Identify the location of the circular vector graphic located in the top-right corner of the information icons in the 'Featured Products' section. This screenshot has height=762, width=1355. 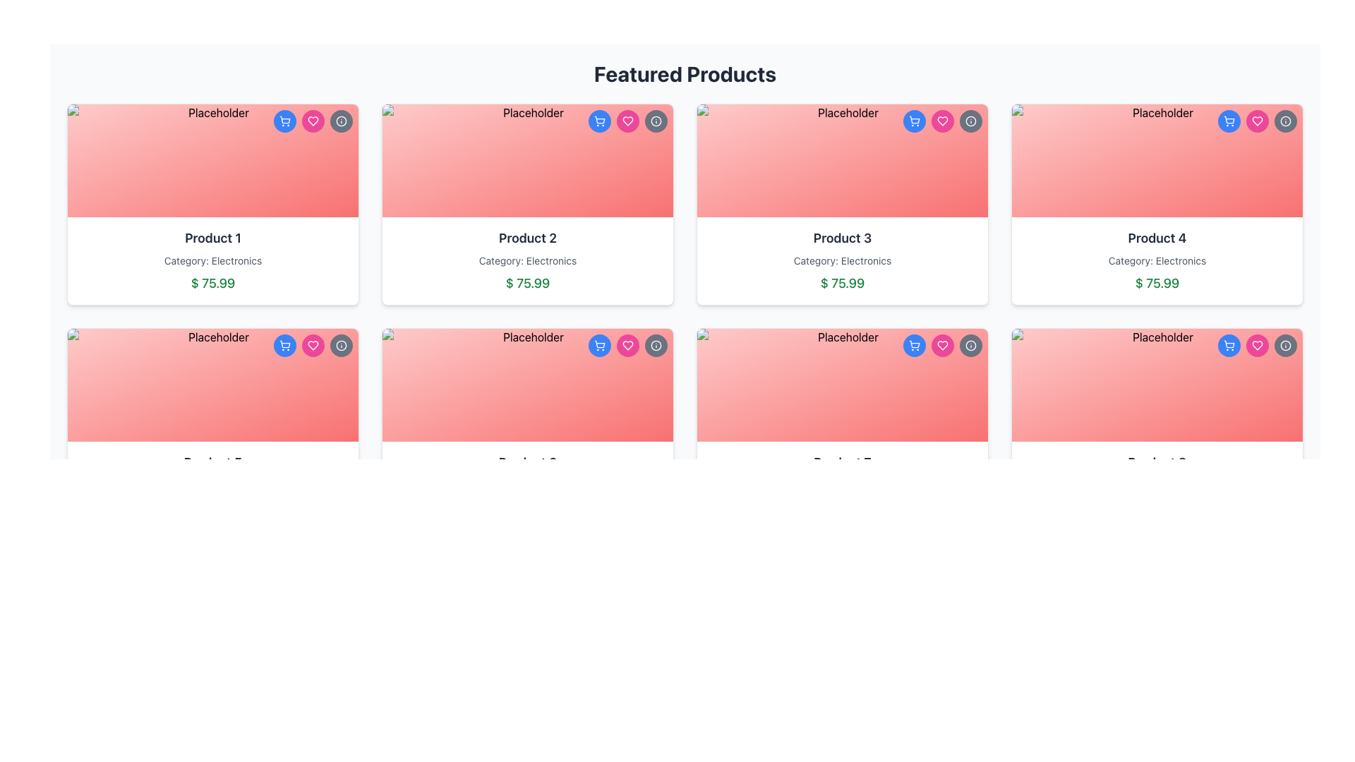
(970, 121).